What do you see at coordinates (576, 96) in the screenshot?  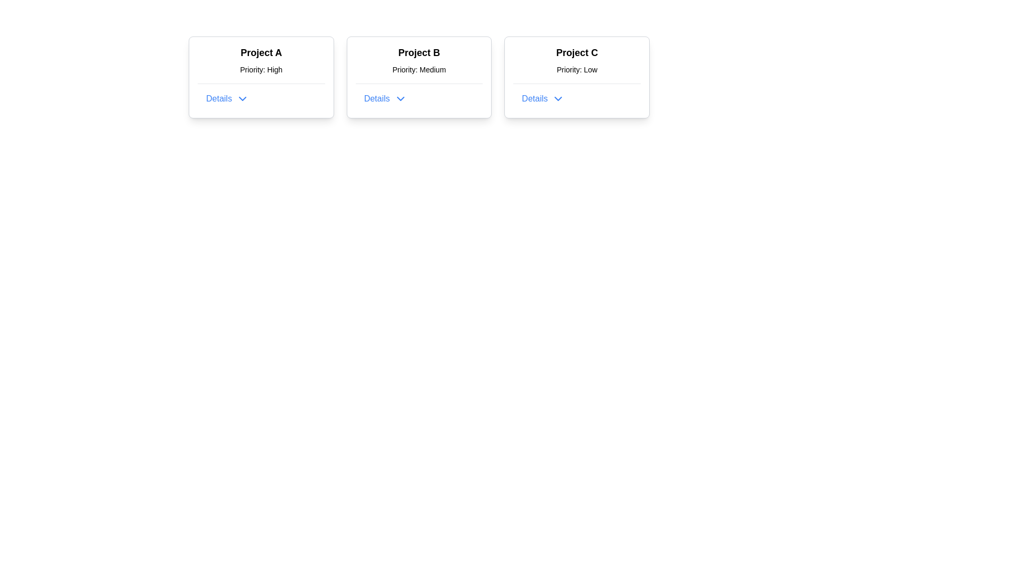 I see `the button located at the bottom of the 'Project C' card, which is labeled with the subtitle 'Priority: Low'` at bounding box center [576, 96].